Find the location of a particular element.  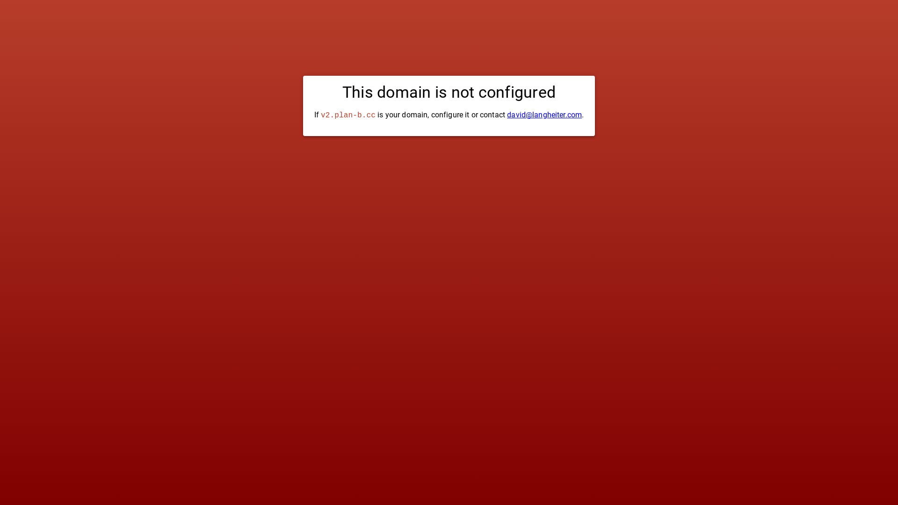

'david@langheiter.com' is located at coordinates (507, 114).